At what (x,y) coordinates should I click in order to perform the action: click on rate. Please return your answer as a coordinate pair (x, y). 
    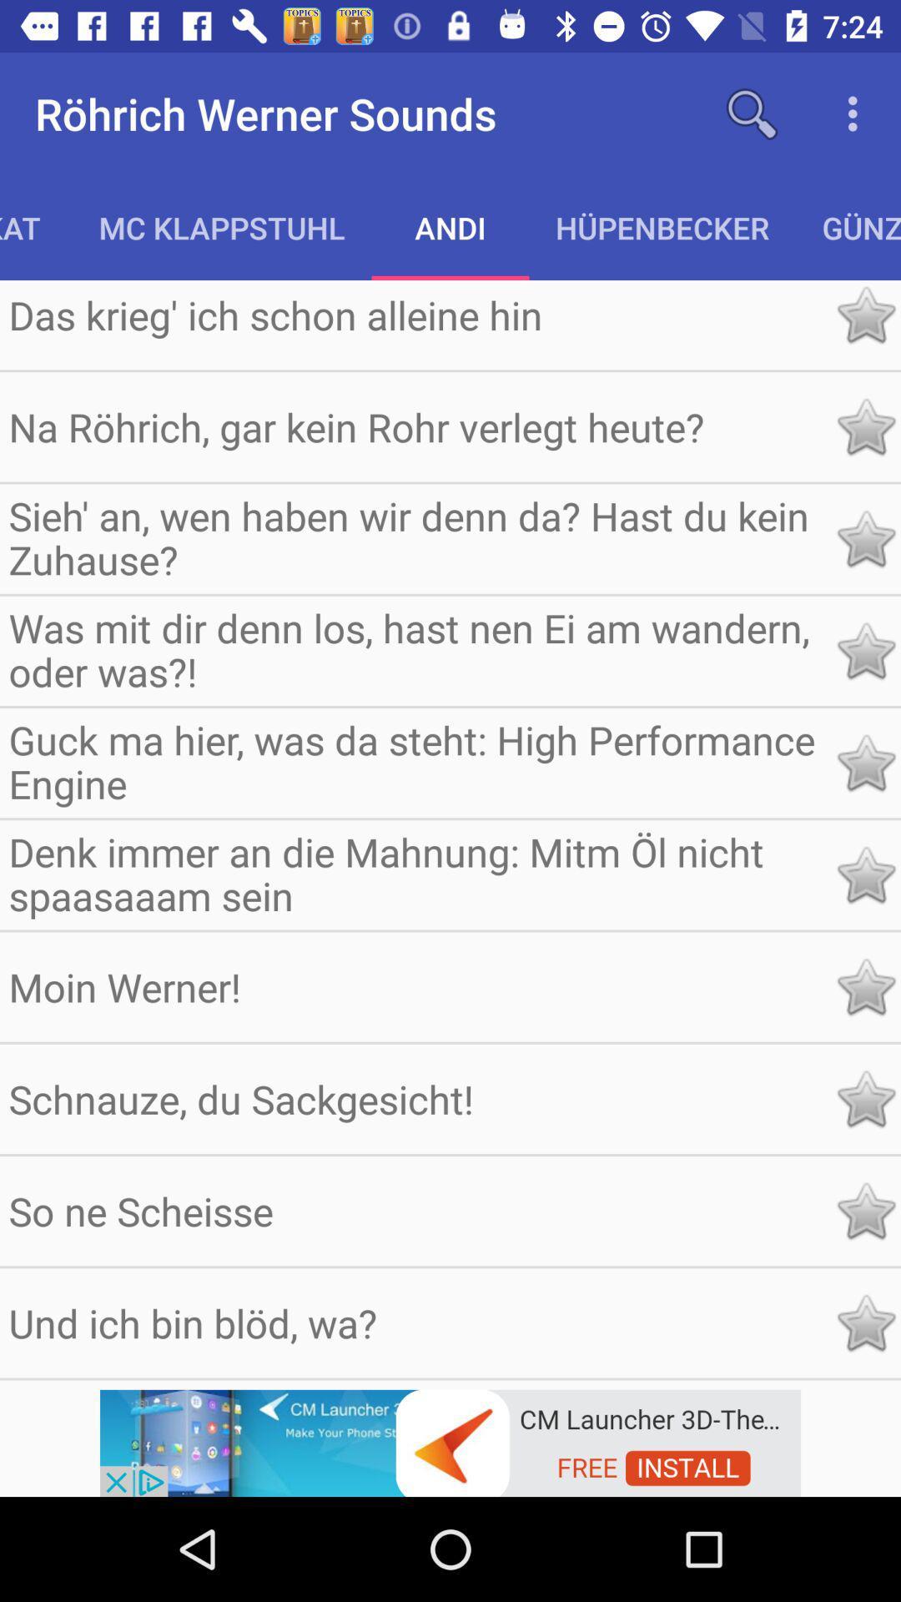
    Looking at the image, I should click on (864, 762).